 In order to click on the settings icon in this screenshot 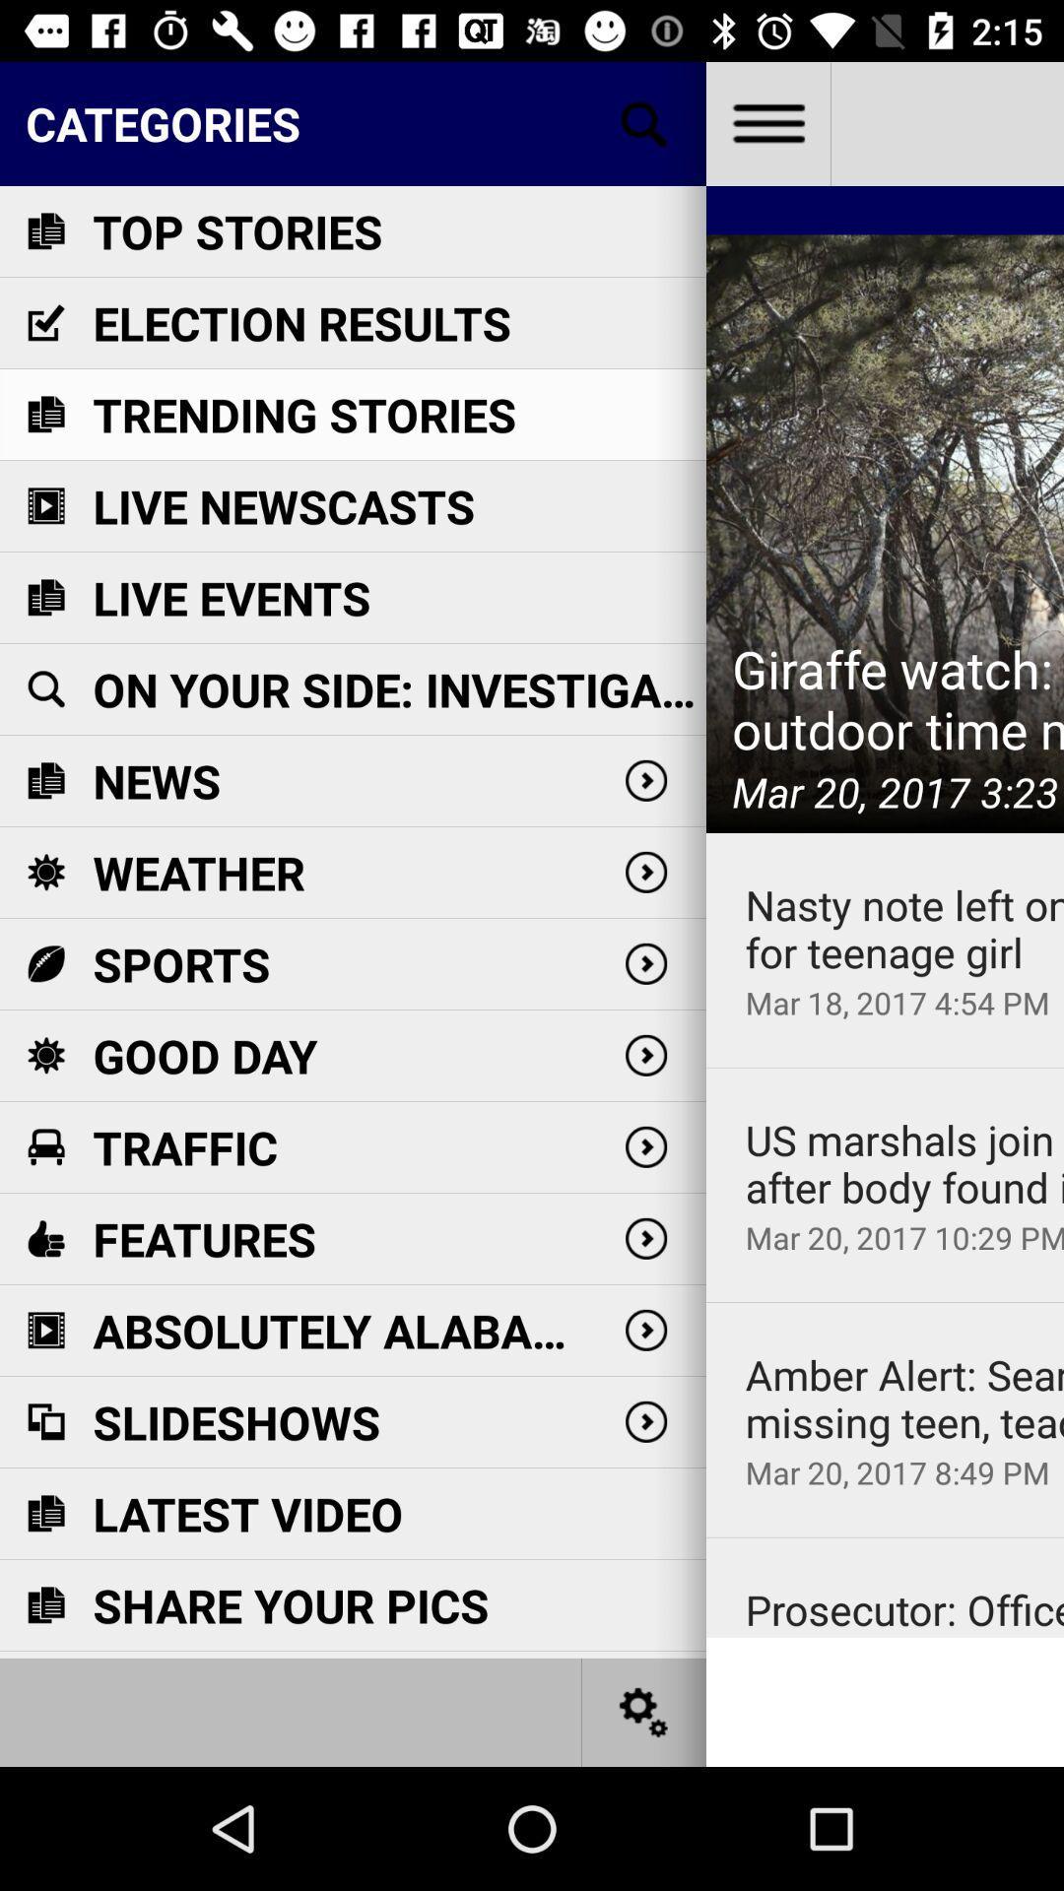, I will do `click(644, 1711)`.